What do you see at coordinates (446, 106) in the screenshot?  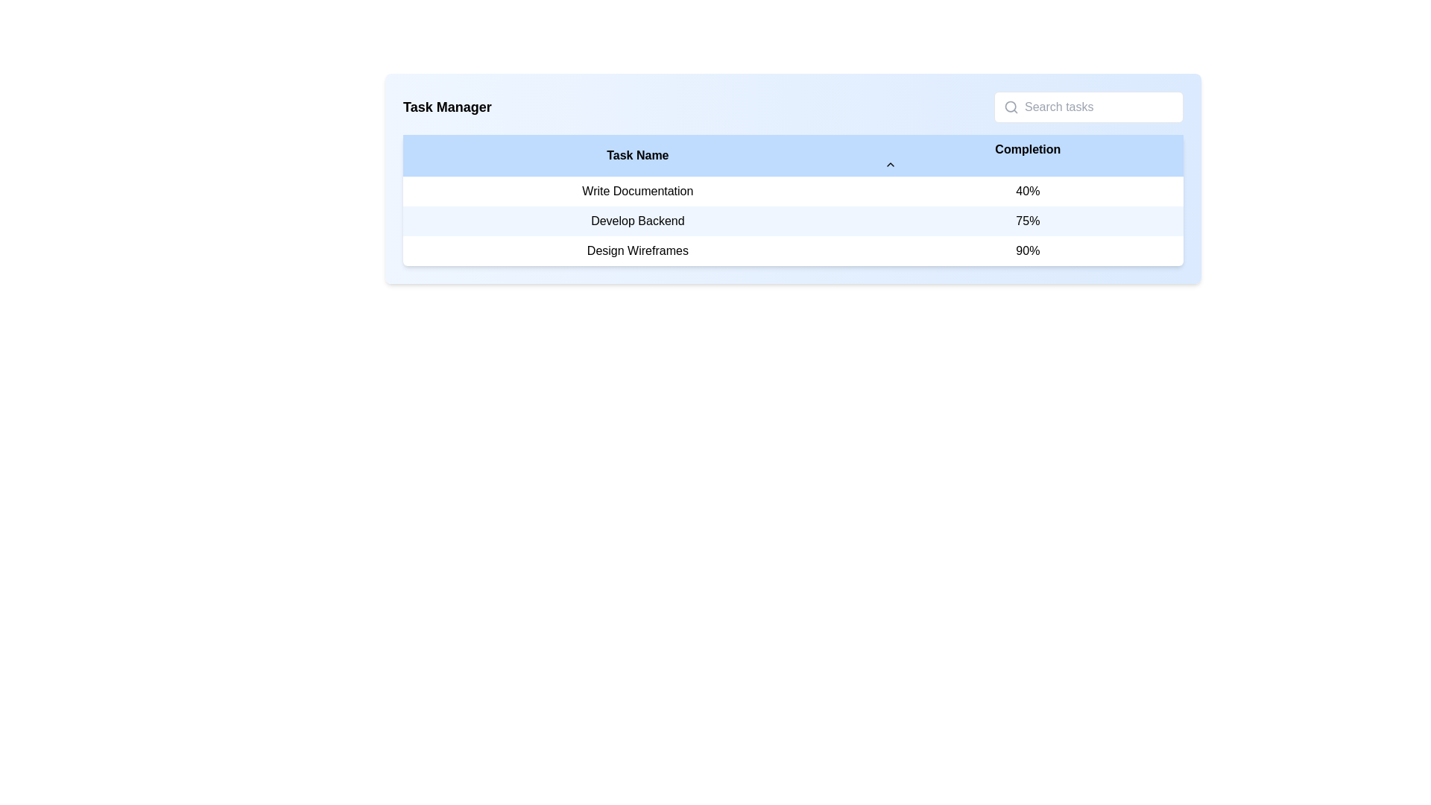 I see `the heading text of the task management system` at bounding box center [446, 106].